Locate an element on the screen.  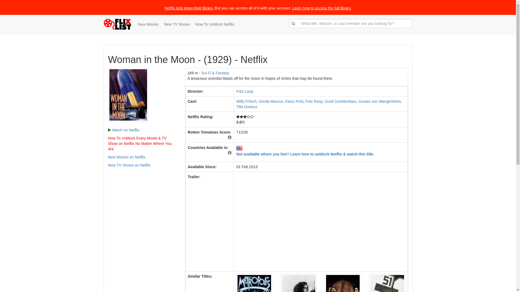
'Sci-Fi & Fantasy' is located at coordinates (215, 73).